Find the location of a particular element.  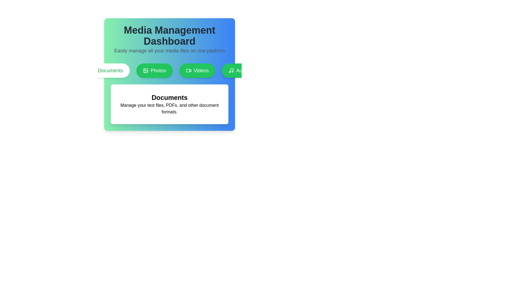

the 'Documents' button, which is a rounded rectangular button with green text and a document icon, located in the Media Management Dashboard is located at coordinates (107, 70).